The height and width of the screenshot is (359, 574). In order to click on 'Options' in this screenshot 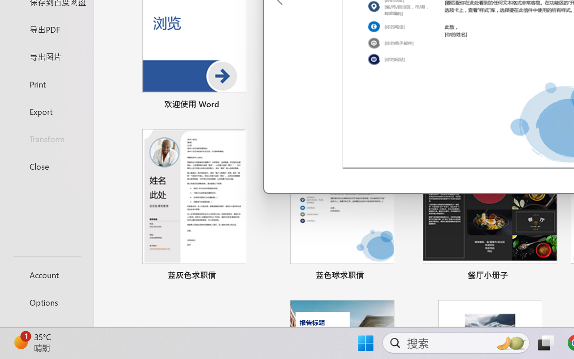, I will do `click(46, 302)`.